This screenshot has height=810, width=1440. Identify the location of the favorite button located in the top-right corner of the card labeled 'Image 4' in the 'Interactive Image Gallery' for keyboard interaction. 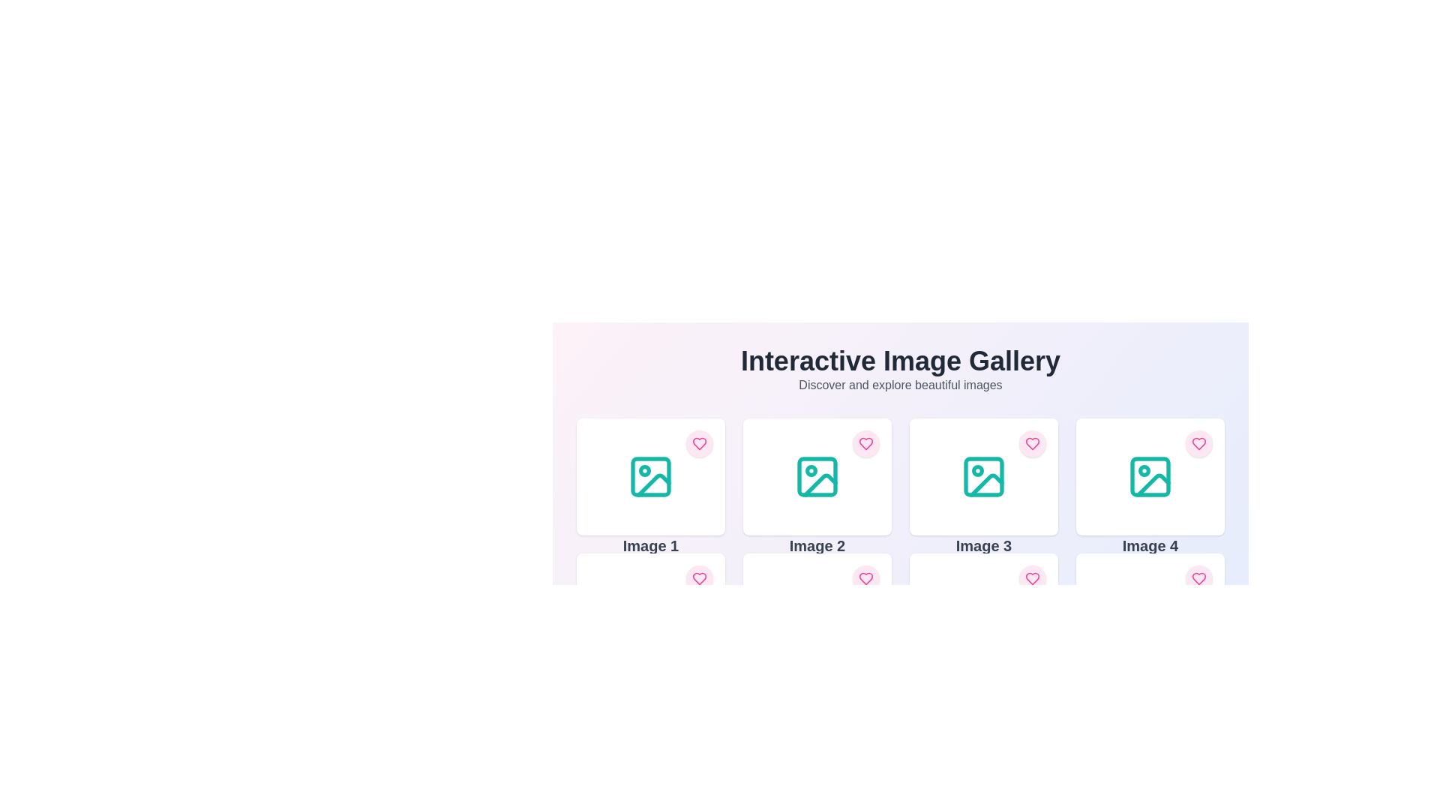
(1198, 577).